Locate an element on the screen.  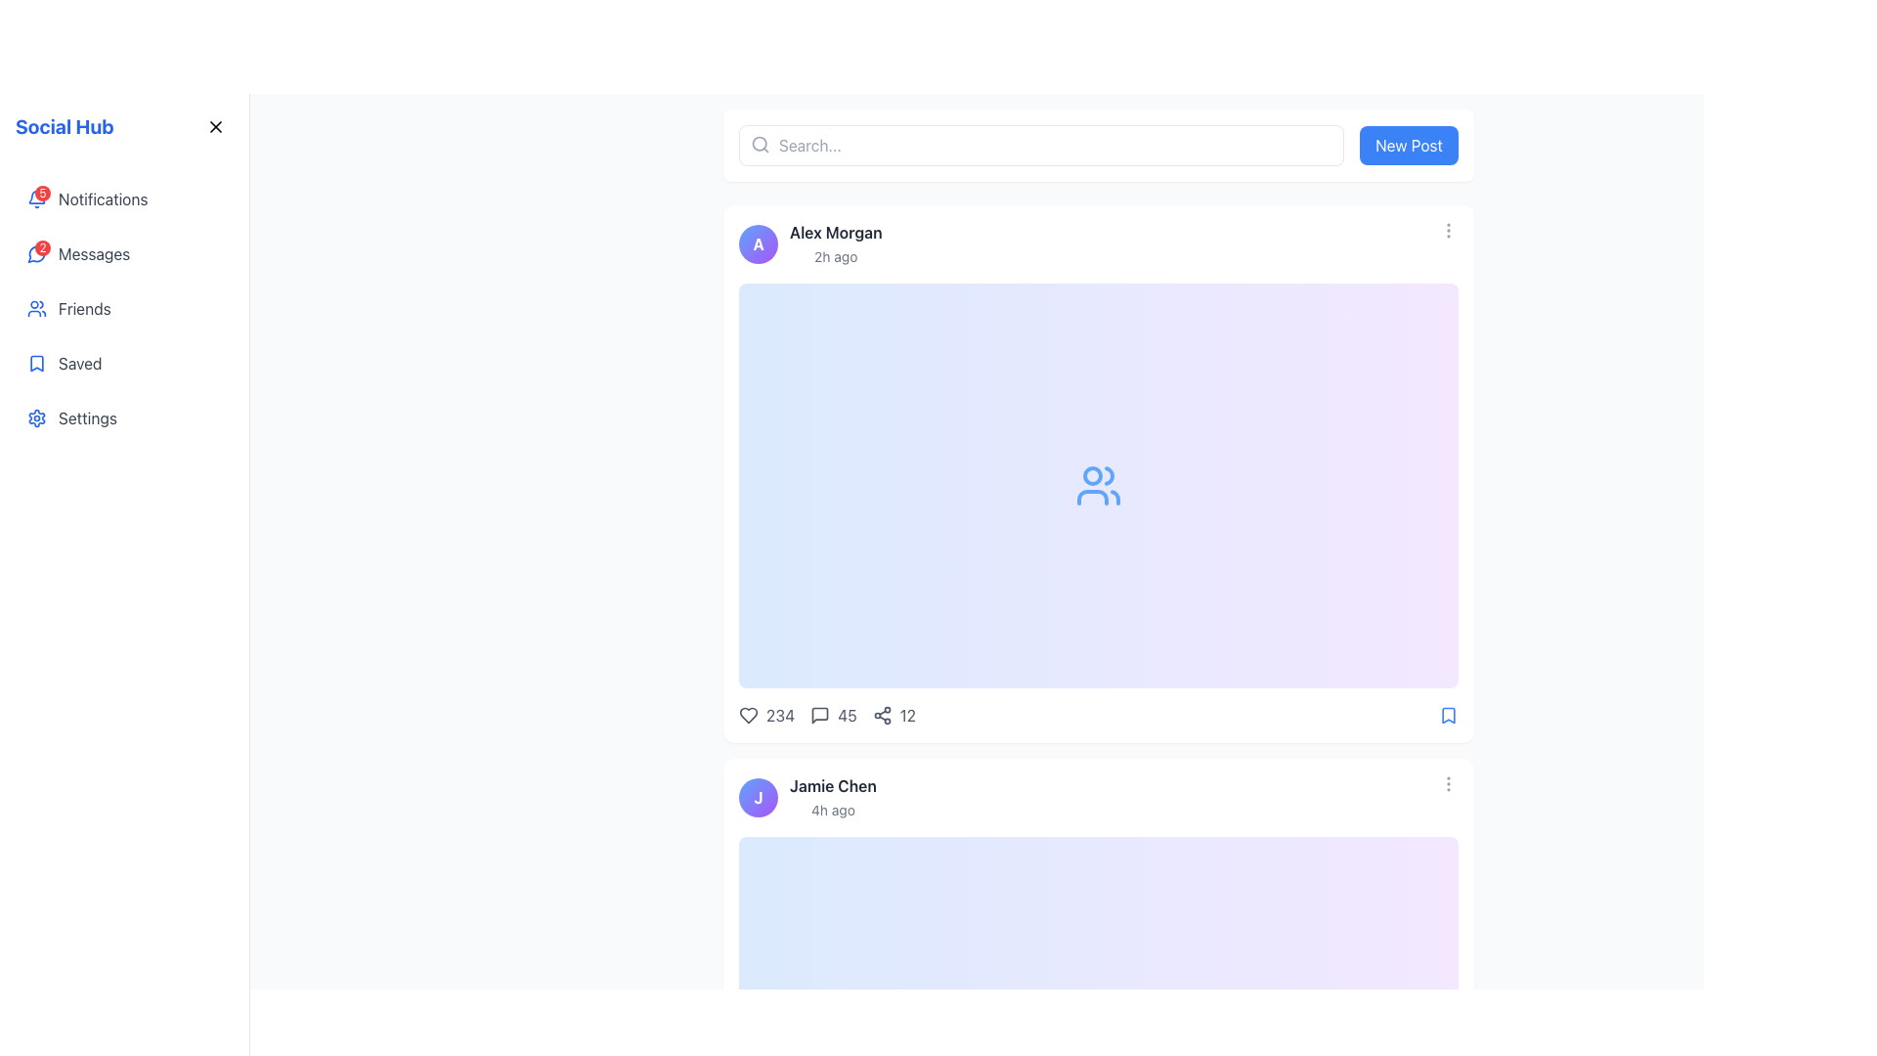
rightmost component of the group-style icon within the graphic context of a social media post by clicking on it is located at coordinates (1115, 497).